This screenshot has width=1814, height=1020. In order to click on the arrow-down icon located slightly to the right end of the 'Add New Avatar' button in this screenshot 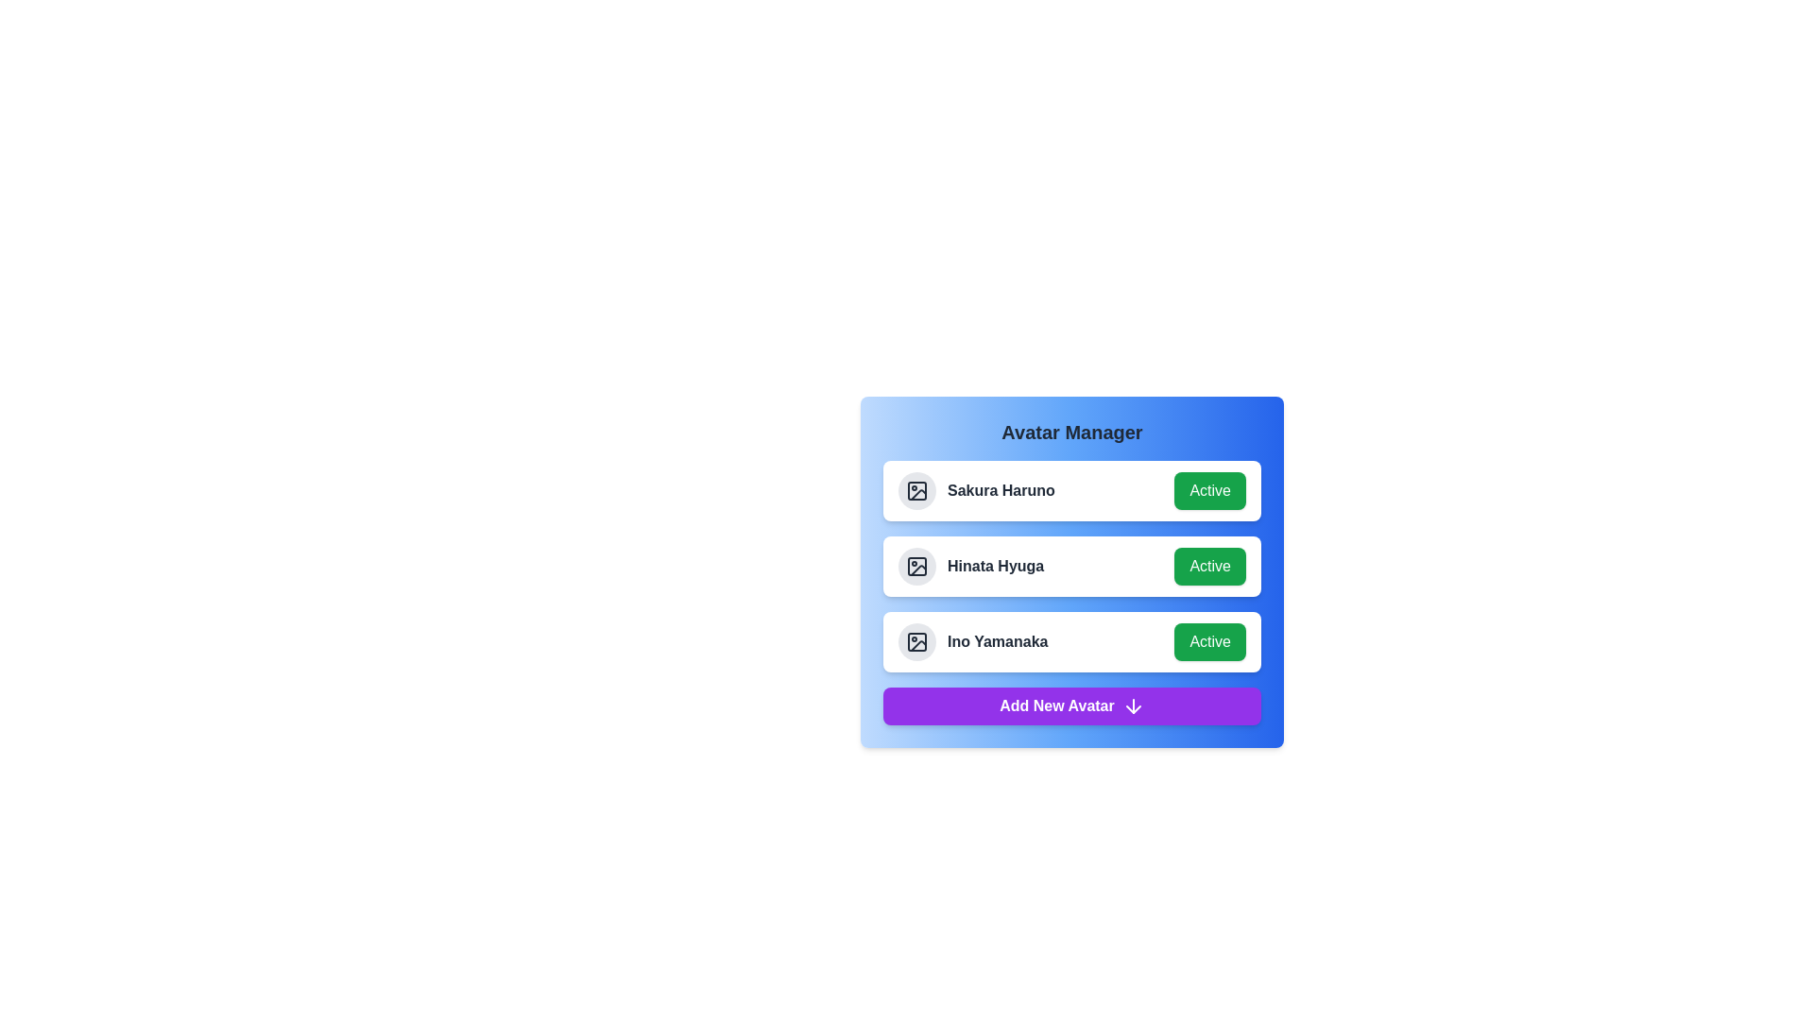, I will do `click(1133, 706)`.